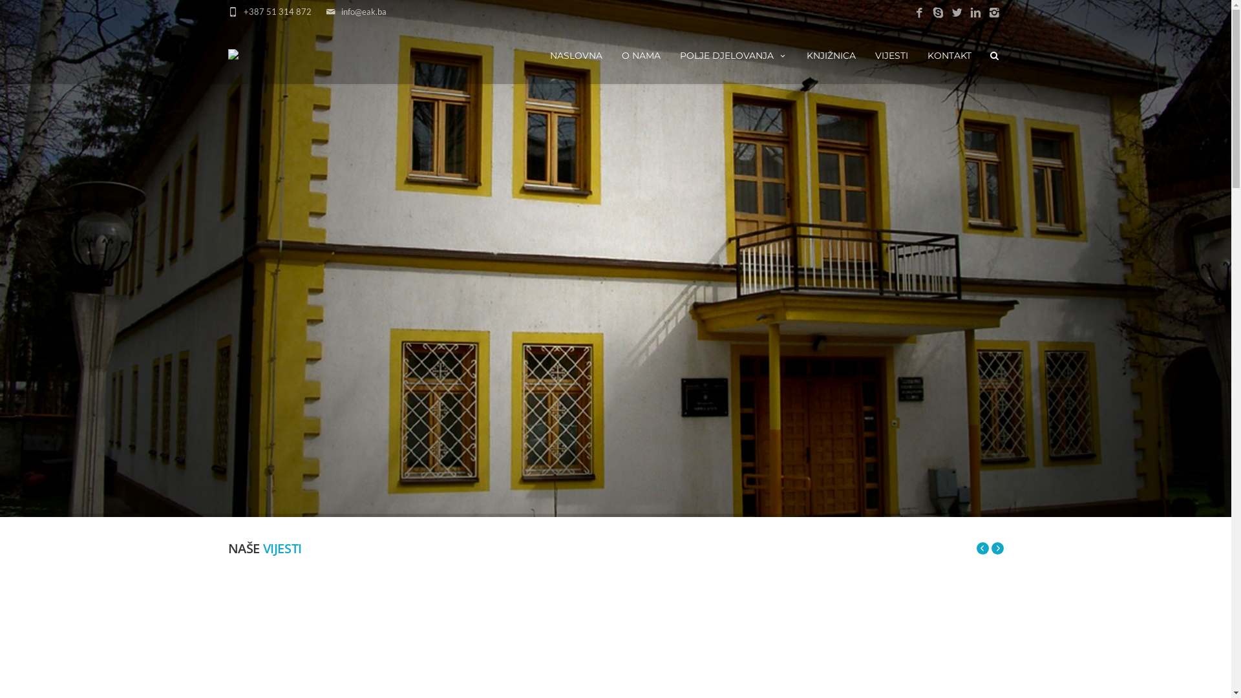 The height and width of the screenshot is (698, 1241). What do you see at coordinates (640, 54) in the screenshot?
I see `'O NAMA'` at bounding box center [640, 54].